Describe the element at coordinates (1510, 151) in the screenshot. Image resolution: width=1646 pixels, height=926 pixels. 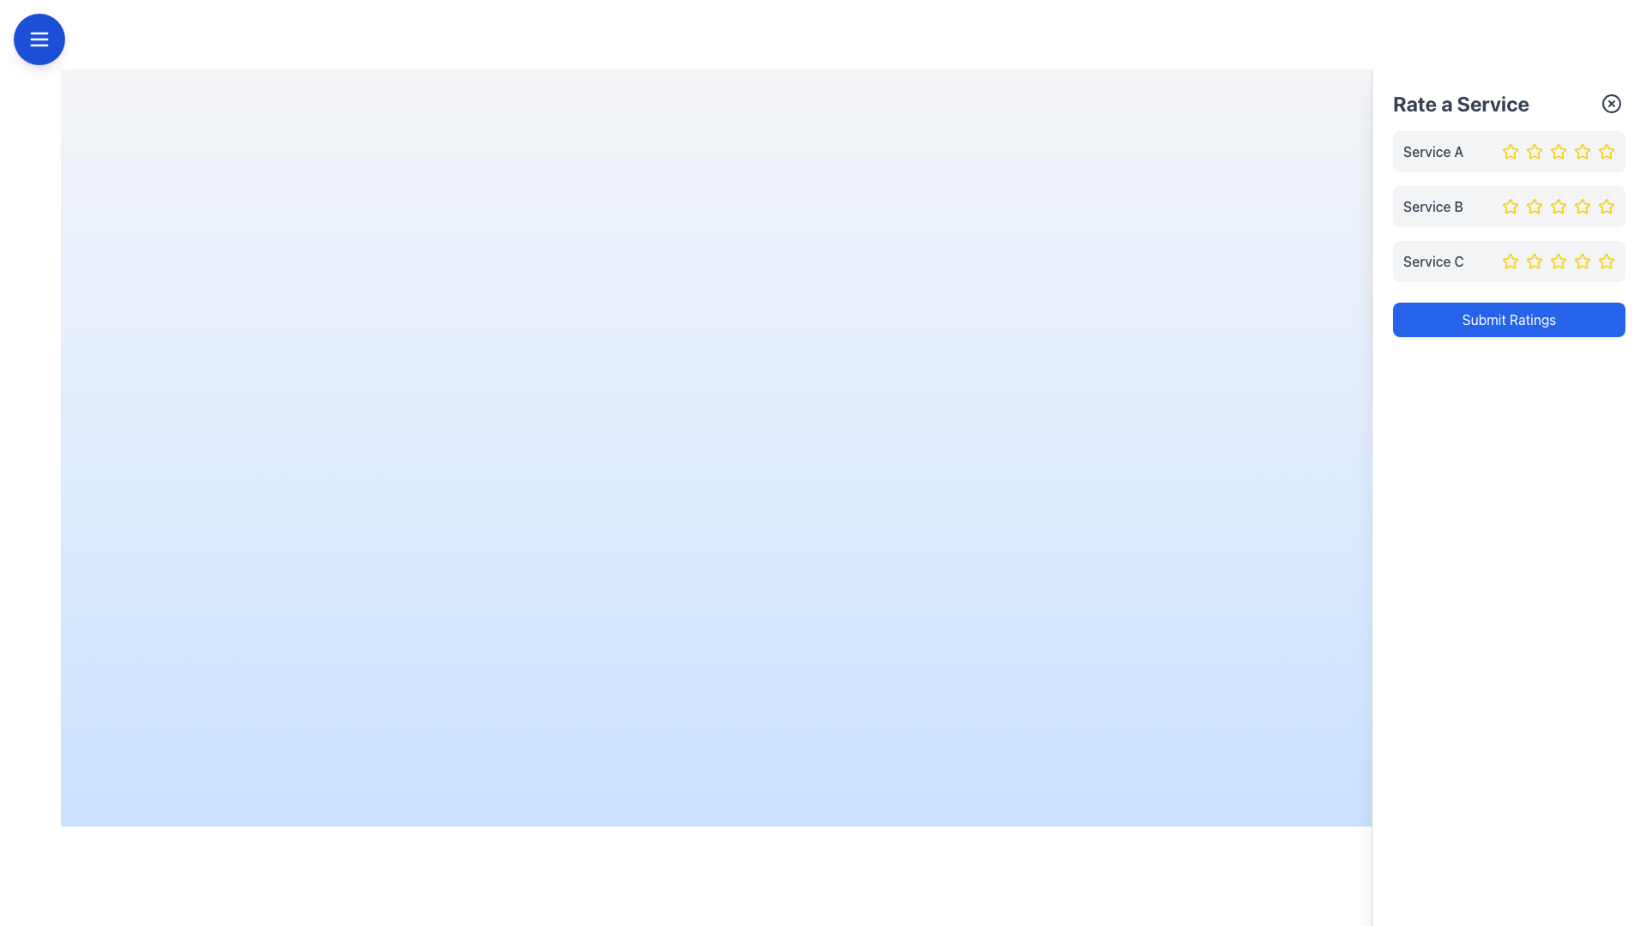
I see `the first star icon for rating 'Service A', which represents a one-star rating in the rating section` at that location.